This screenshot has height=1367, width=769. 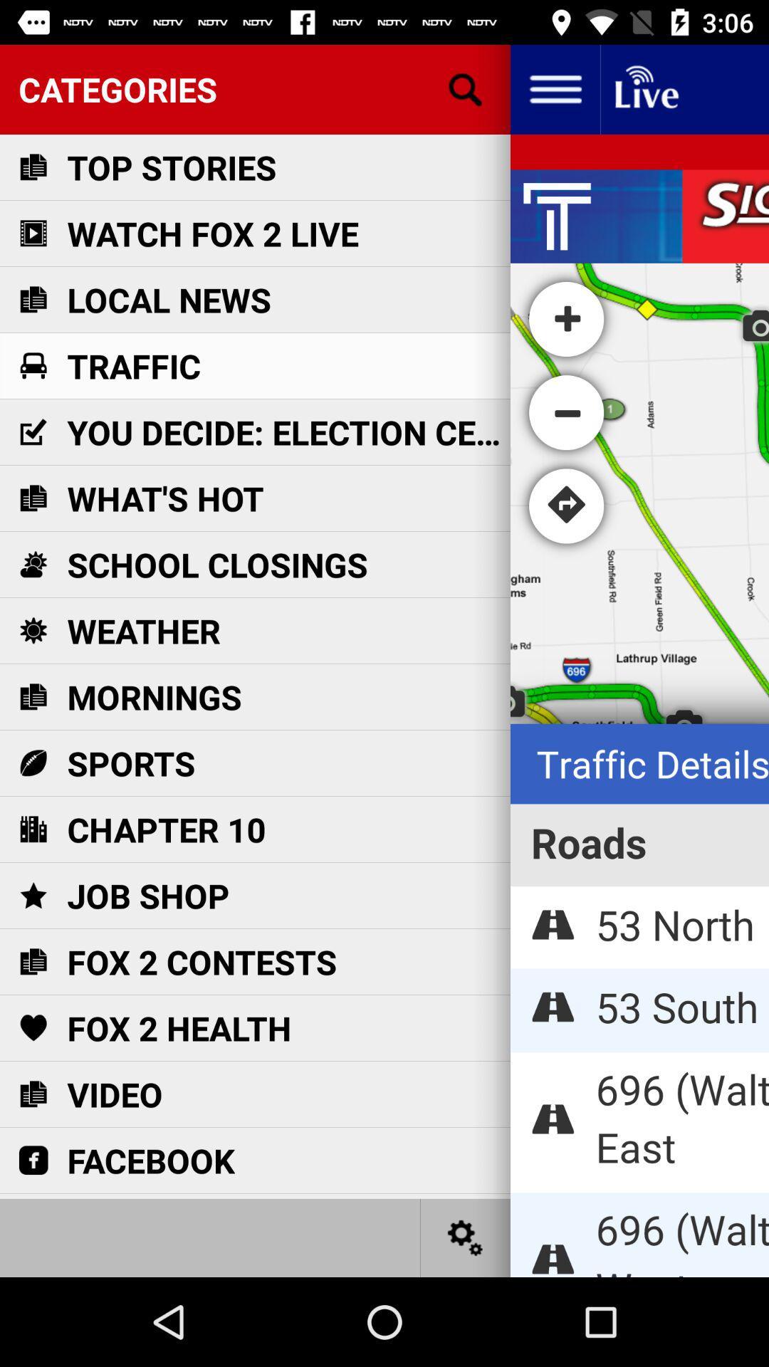 I want to click on setting button, so click(x=466, y=1237).